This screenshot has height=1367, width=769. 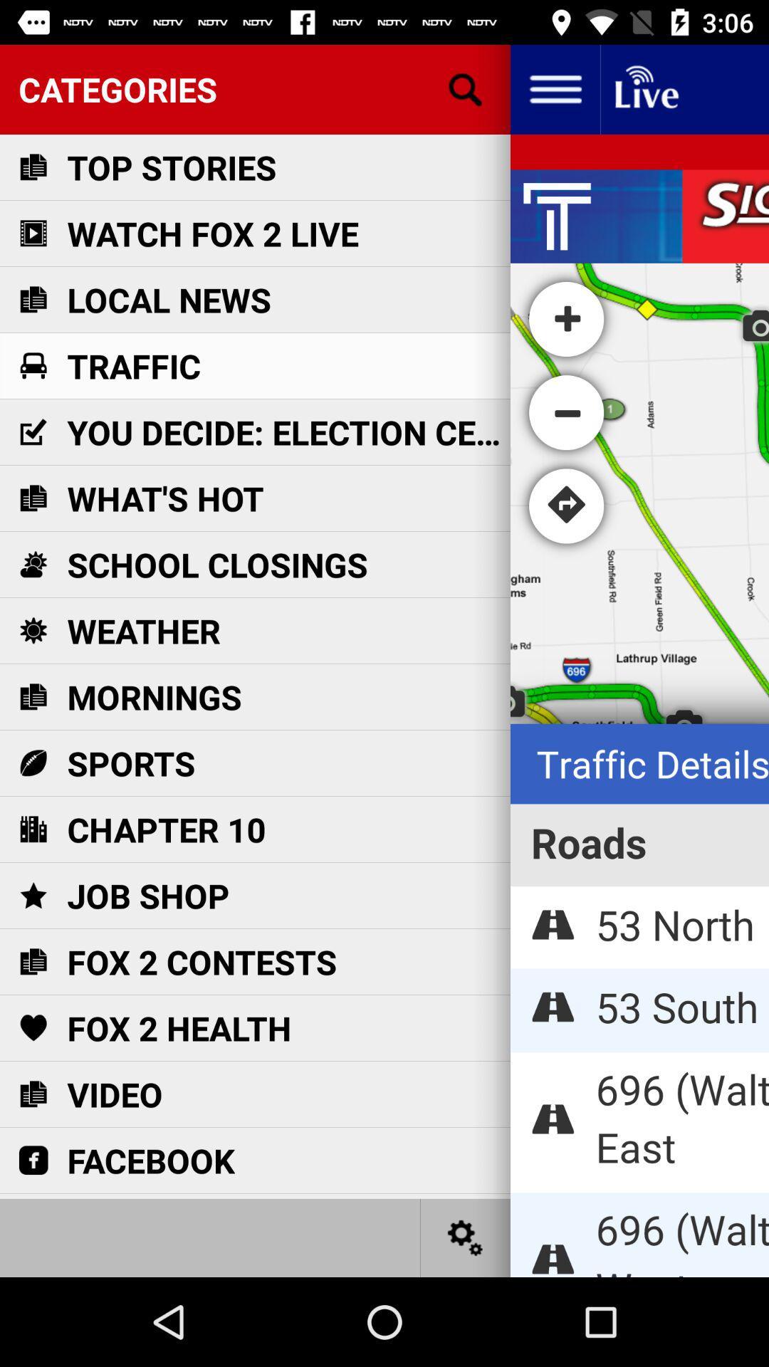 I want to click on setting button, so click(x=466, y=1237).